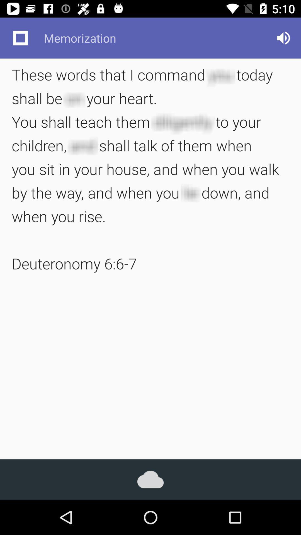 This screenshot has width=301, height=535. I want to click on these words that item, so click(151, 169).